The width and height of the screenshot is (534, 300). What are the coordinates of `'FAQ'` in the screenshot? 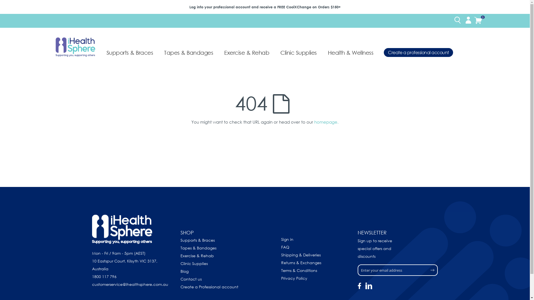 It's located at (285, 247).